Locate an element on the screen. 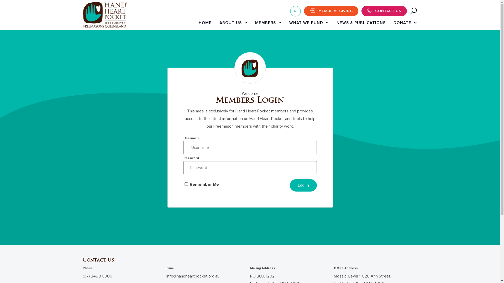  'MEMBERS' is located at coordinates (268, 24).